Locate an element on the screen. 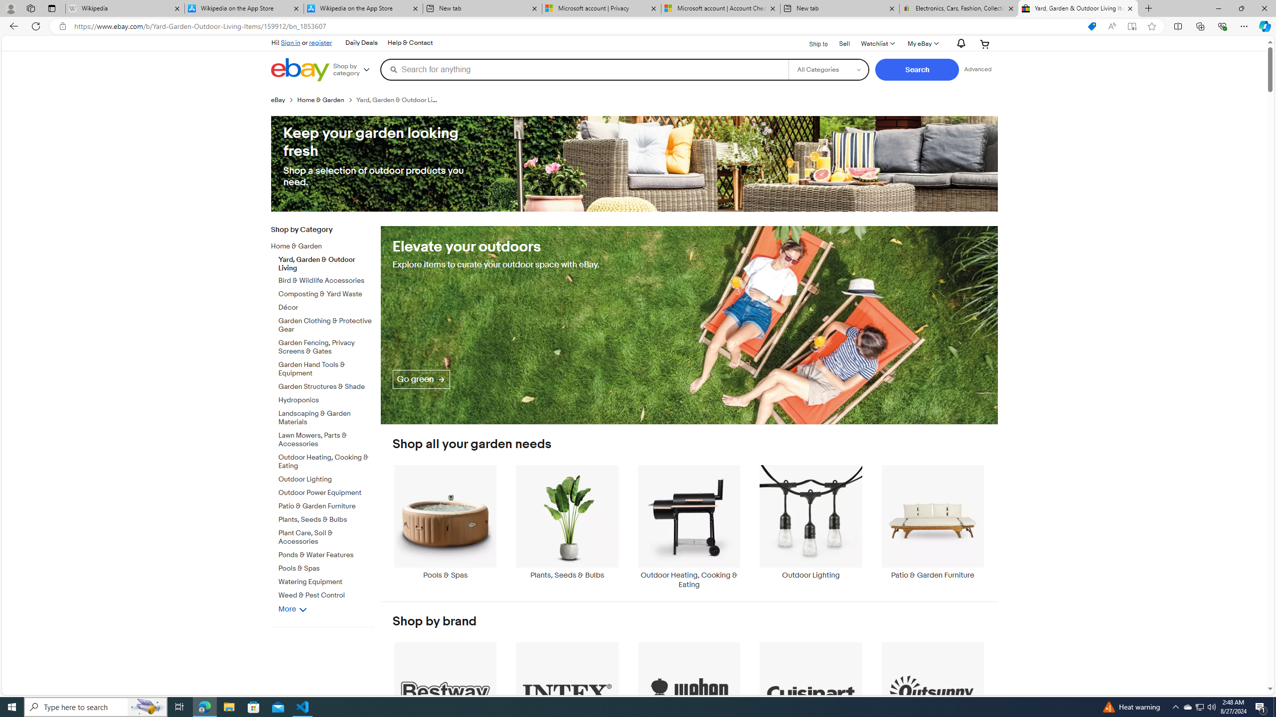  'Daily Deals' is located at coordinates (360, 42).